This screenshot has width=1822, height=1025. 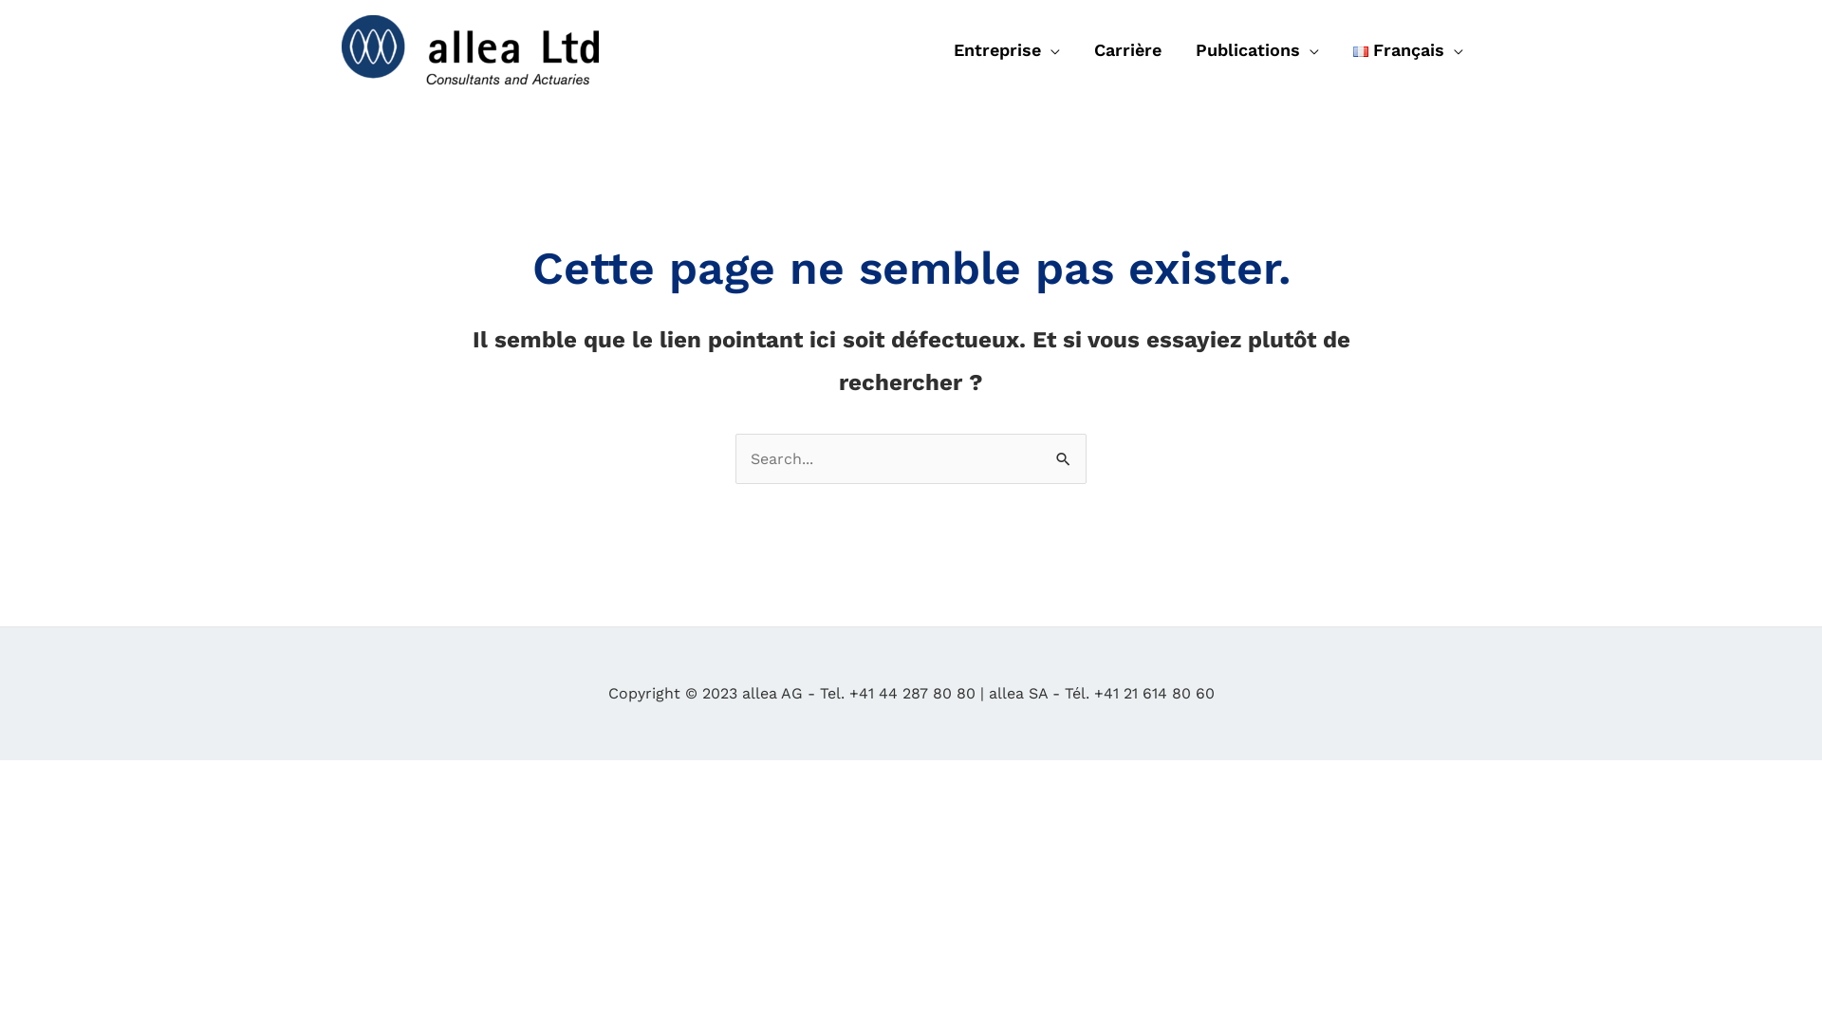 I want to click on 'Entreprise', so click(x=1005, y=49).